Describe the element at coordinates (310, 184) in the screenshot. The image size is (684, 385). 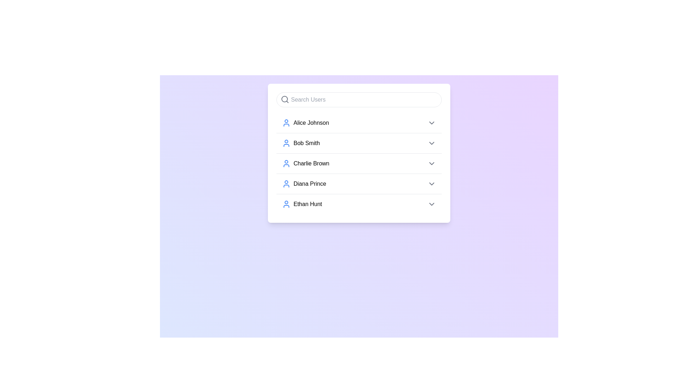
I see `the text label displaying the username 'Diana Prince', which is the fourth item in the user selection list` at that location.